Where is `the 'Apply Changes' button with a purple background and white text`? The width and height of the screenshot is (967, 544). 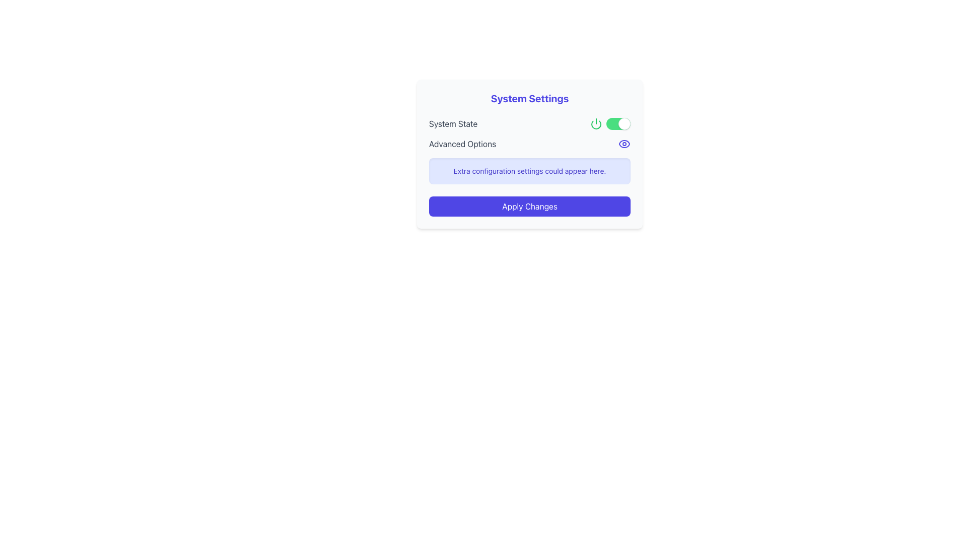
the 'Apply Changes' button with a purple background and white text is located at coordinates (529, 206).